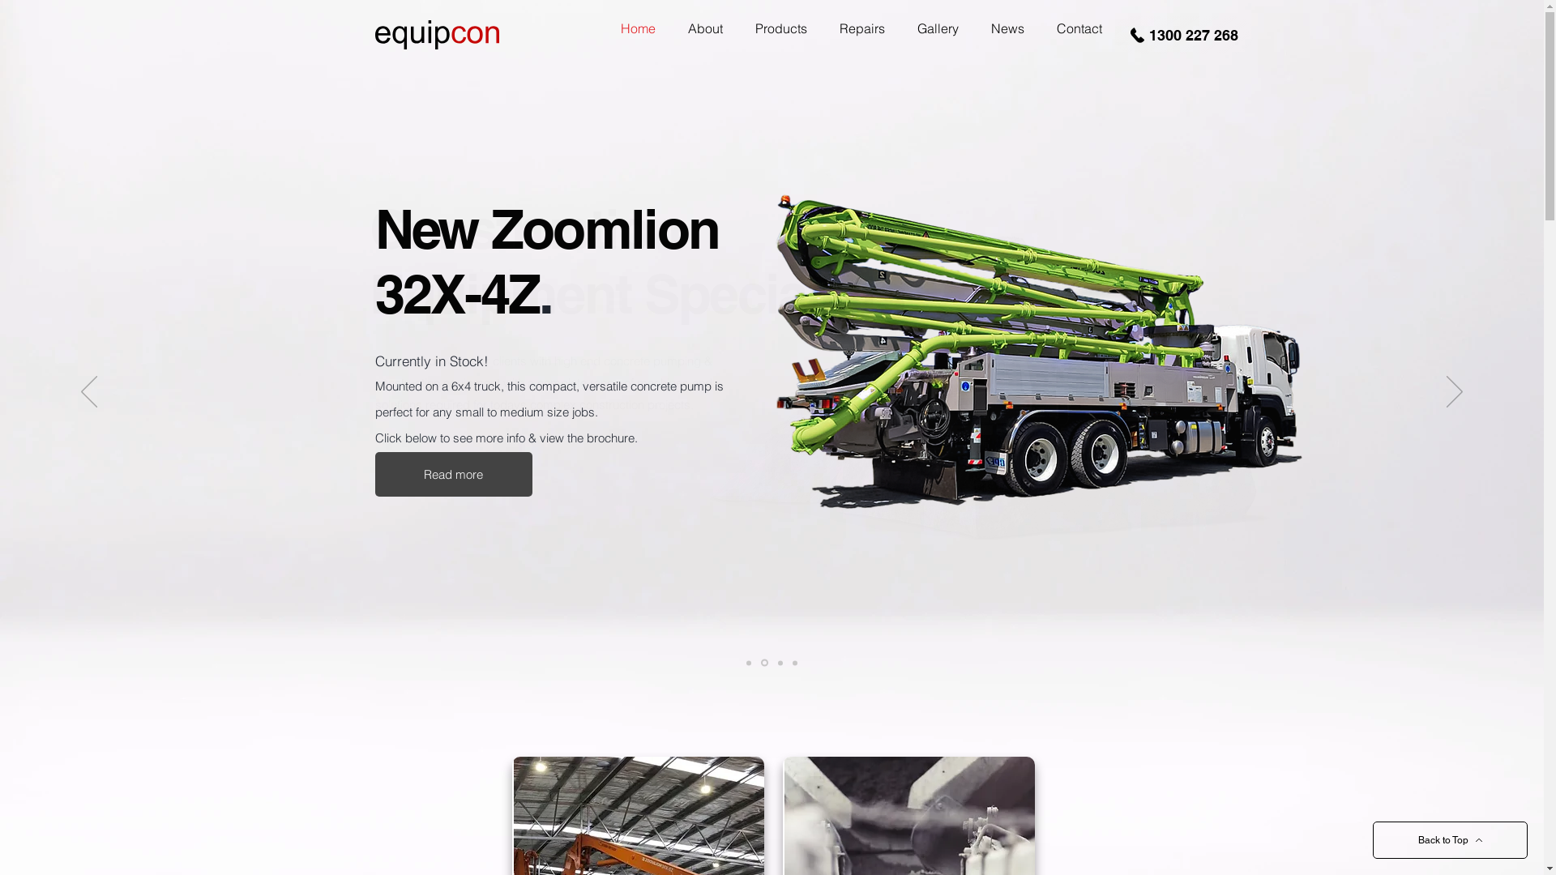 The image size is (1556, 875). Describe the element at coordinates (1079, 28) in the screenshot. I see `'Contact'` at that location.